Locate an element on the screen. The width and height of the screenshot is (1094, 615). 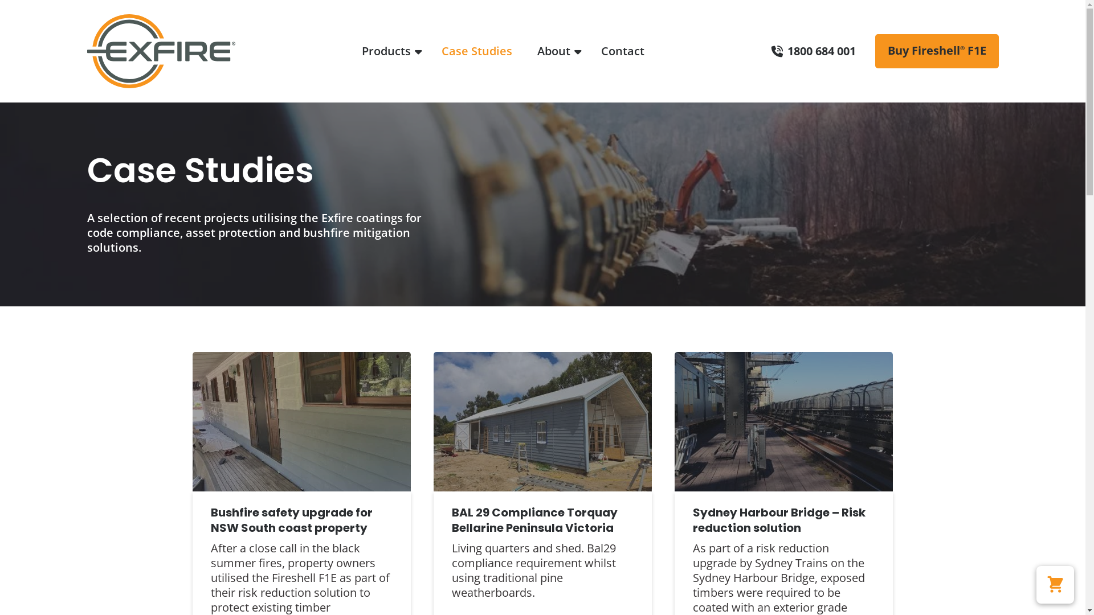
'Products' is located at coordinates (355, 51).